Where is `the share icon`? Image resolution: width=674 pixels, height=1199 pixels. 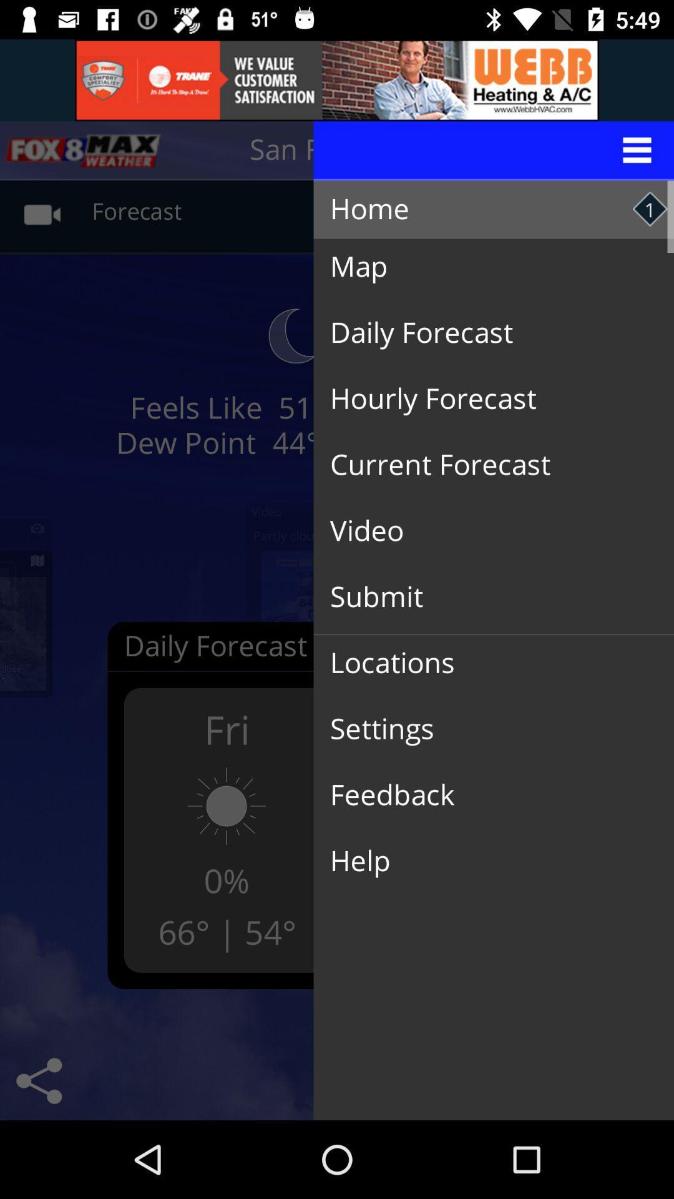
the share icon is located at coordinates (38, 1080).